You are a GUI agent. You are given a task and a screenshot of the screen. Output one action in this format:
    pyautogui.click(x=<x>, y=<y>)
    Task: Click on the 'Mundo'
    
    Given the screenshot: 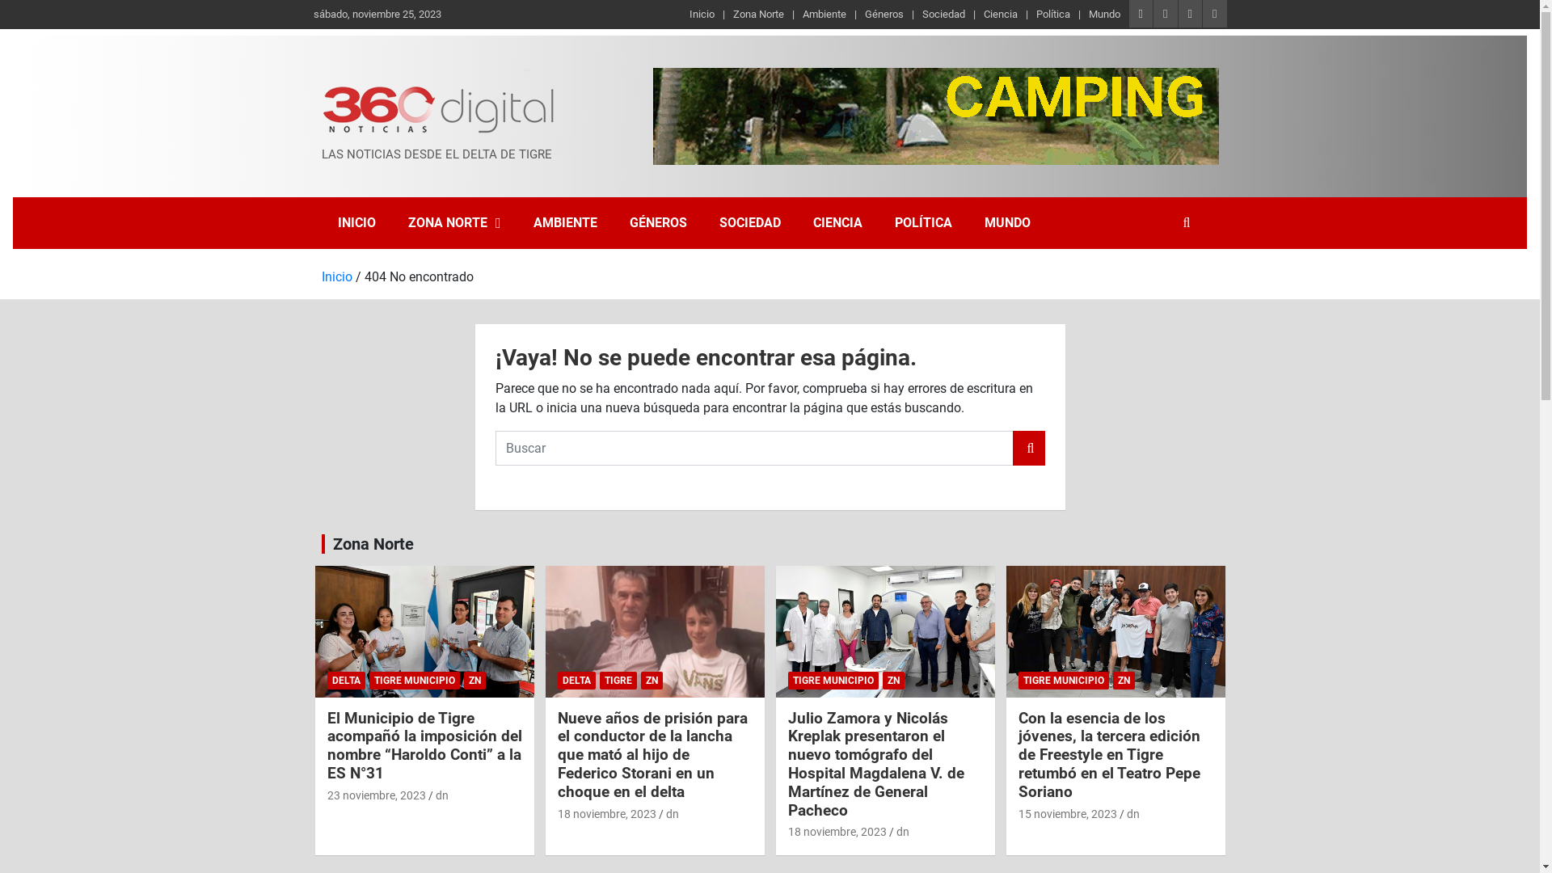 What is the action you would take?
    pyautogui.click(x=1103, y=15)
    